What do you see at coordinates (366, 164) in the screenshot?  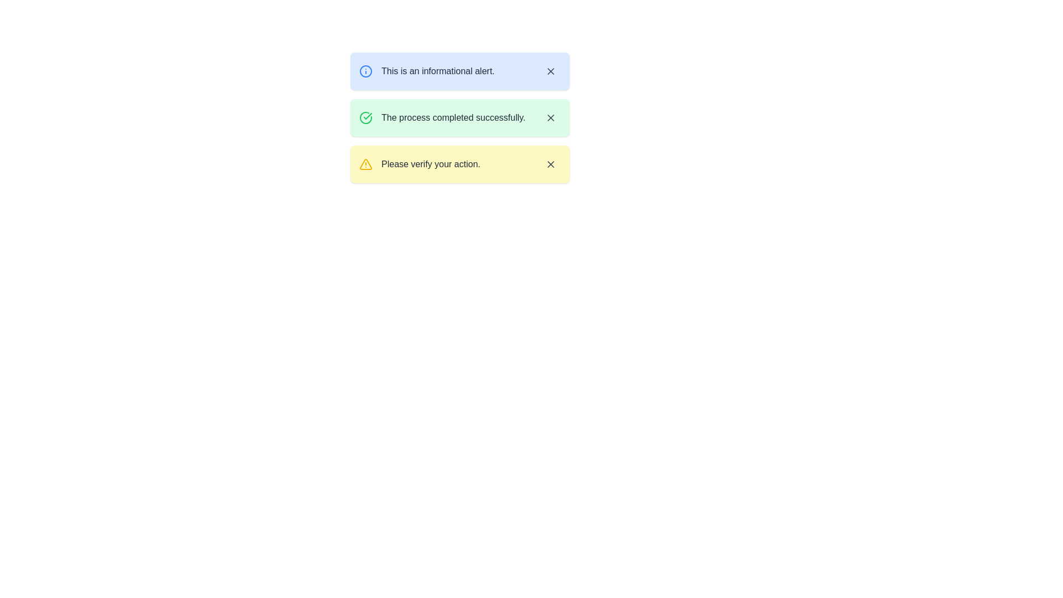 I see `the triangular warning icon with a yellow border, indicating an alert or caution, located next to the text 'Please verify your action.'` at bounding box center [366, 164].